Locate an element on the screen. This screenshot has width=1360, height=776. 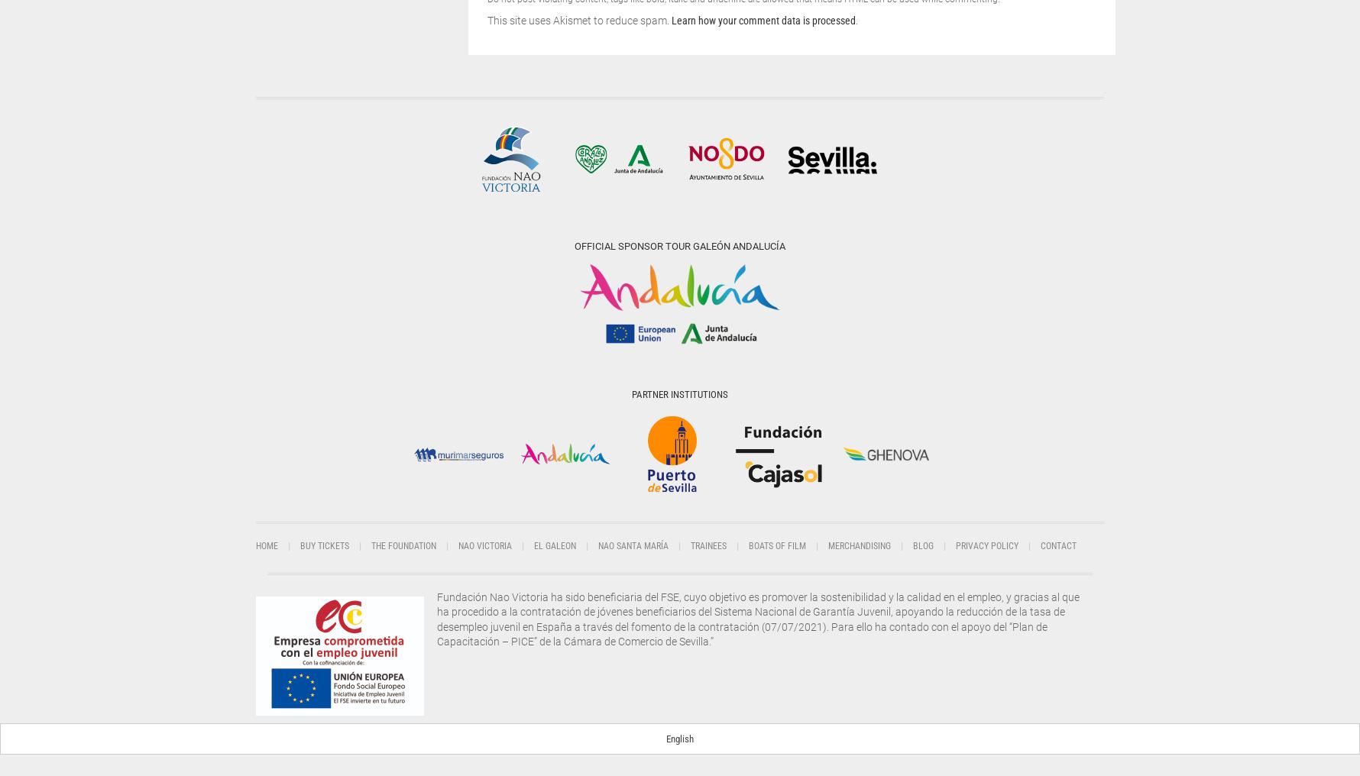
'Buy Tickets' is located at coordinates (324, 545).